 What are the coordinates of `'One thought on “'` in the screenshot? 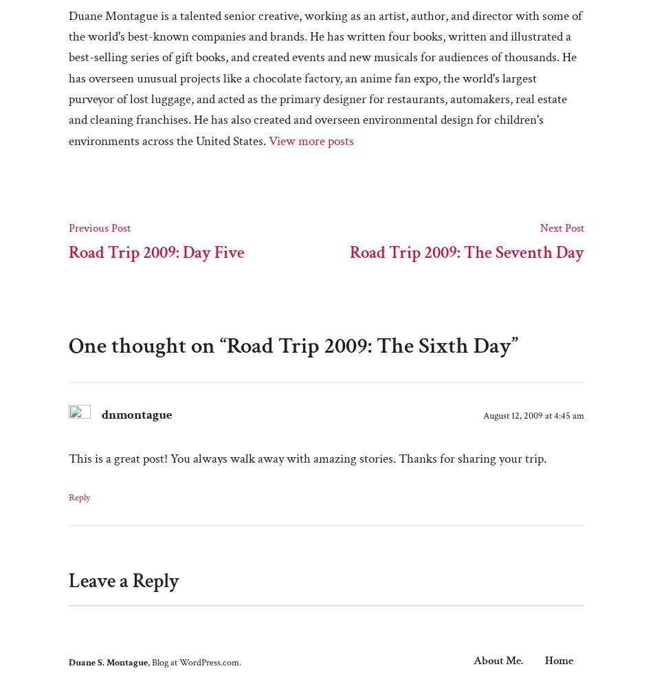 It's located at (147, 344).